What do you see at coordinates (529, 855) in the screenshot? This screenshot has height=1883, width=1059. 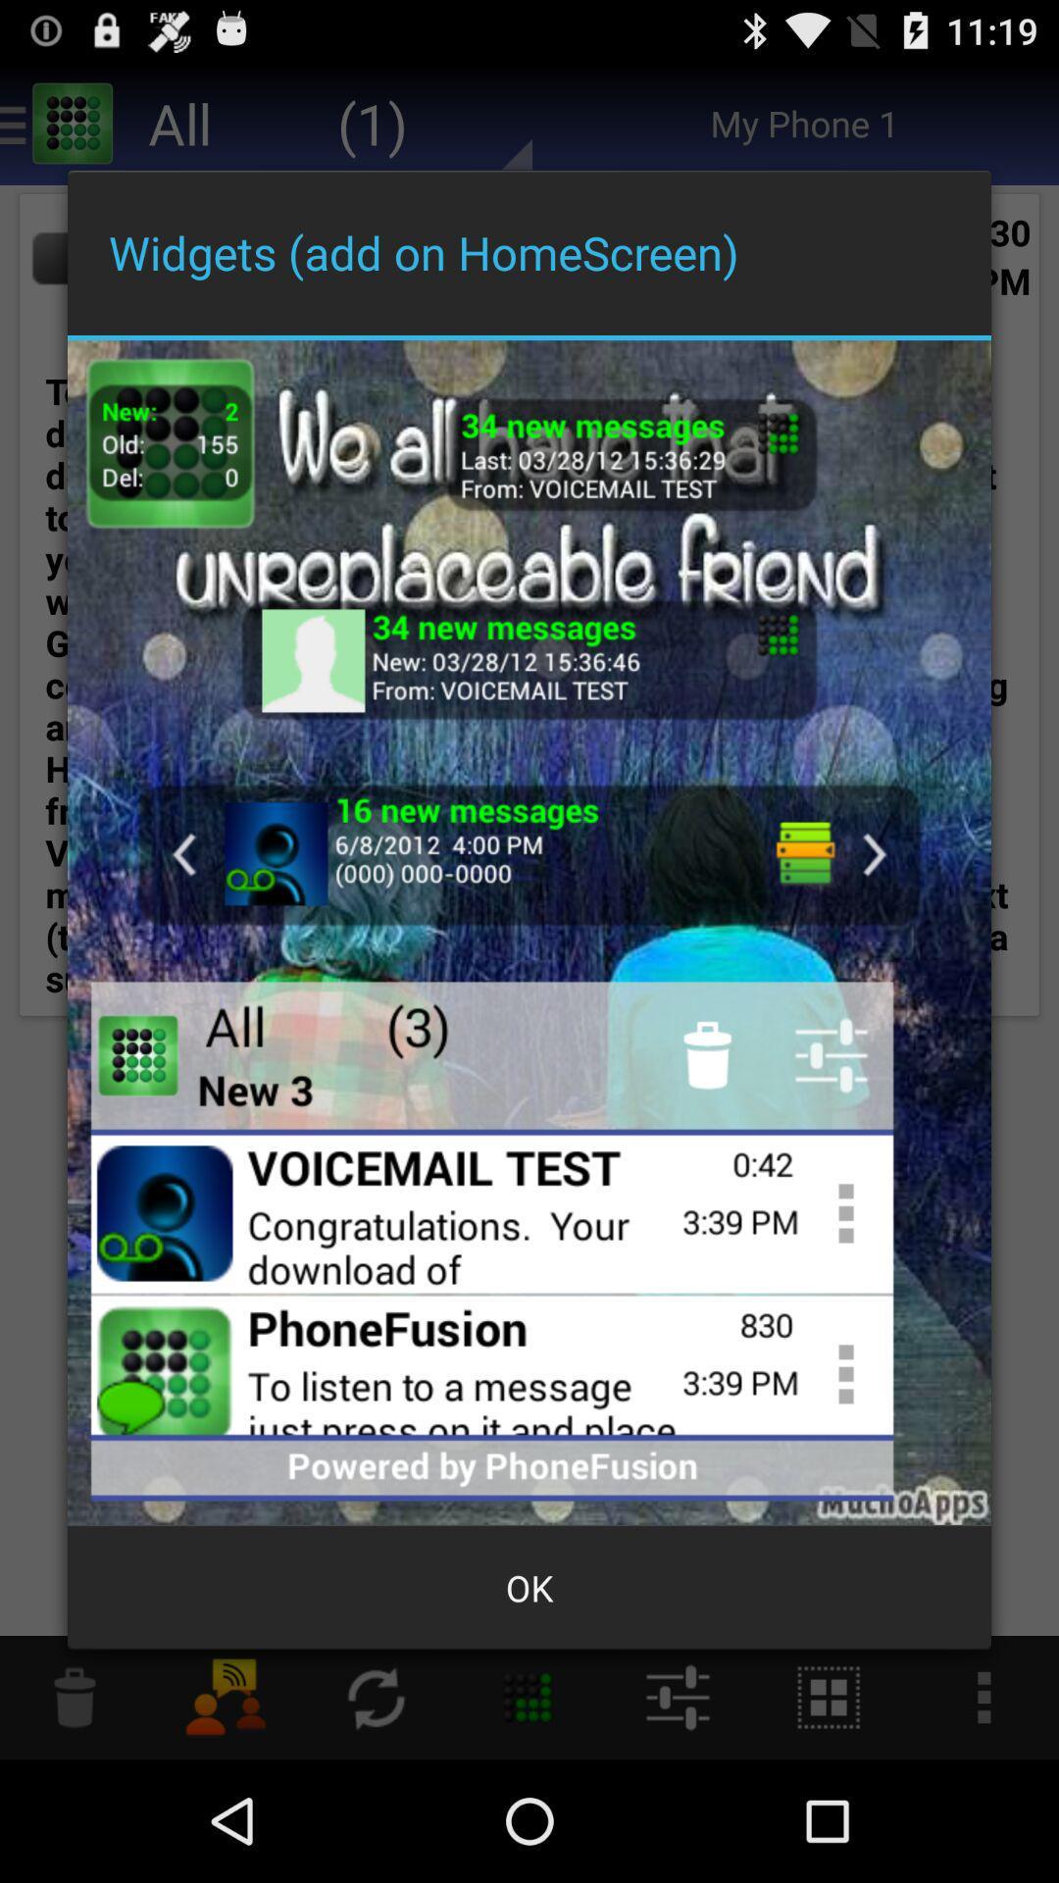 I see `look at messages` at bounding box center [529, 855].